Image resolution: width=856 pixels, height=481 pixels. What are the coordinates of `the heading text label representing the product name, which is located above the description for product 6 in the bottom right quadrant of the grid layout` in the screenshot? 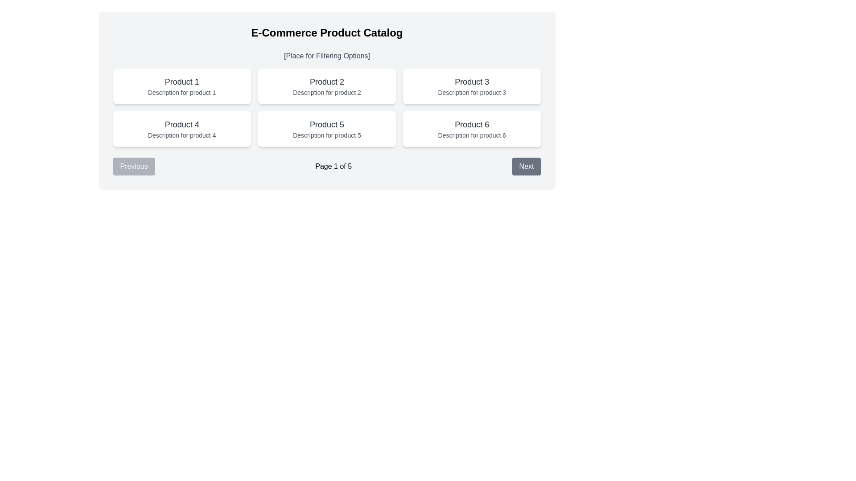 It's located at (471, 125).